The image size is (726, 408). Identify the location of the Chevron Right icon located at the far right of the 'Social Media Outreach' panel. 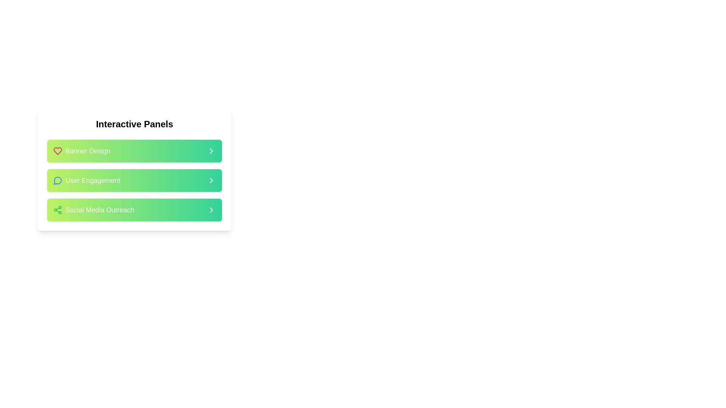
(211, 210).